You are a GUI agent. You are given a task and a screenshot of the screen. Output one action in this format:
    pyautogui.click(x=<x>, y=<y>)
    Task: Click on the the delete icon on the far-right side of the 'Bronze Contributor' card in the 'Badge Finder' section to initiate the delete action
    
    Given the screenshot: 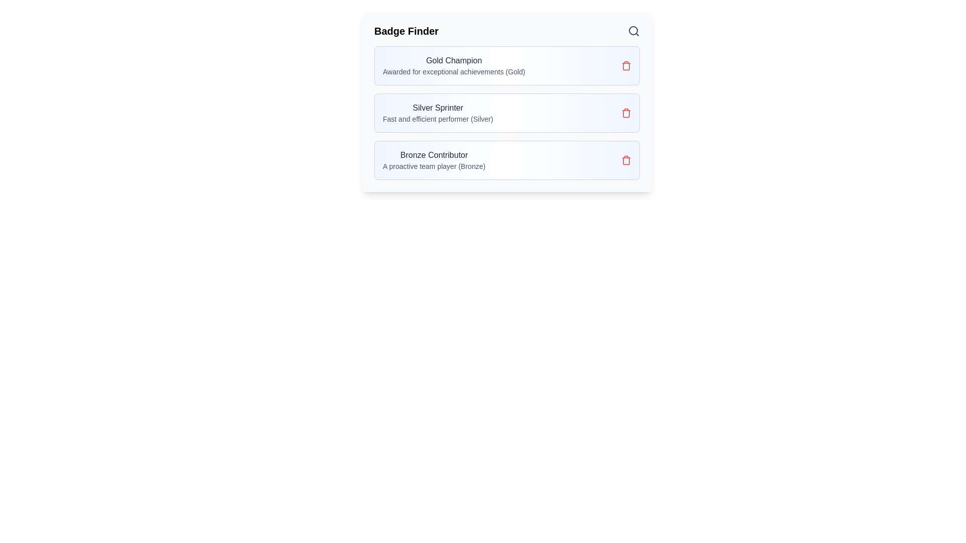 What is the action you would take?
    pyautogui.click(x=625, y=160)
    